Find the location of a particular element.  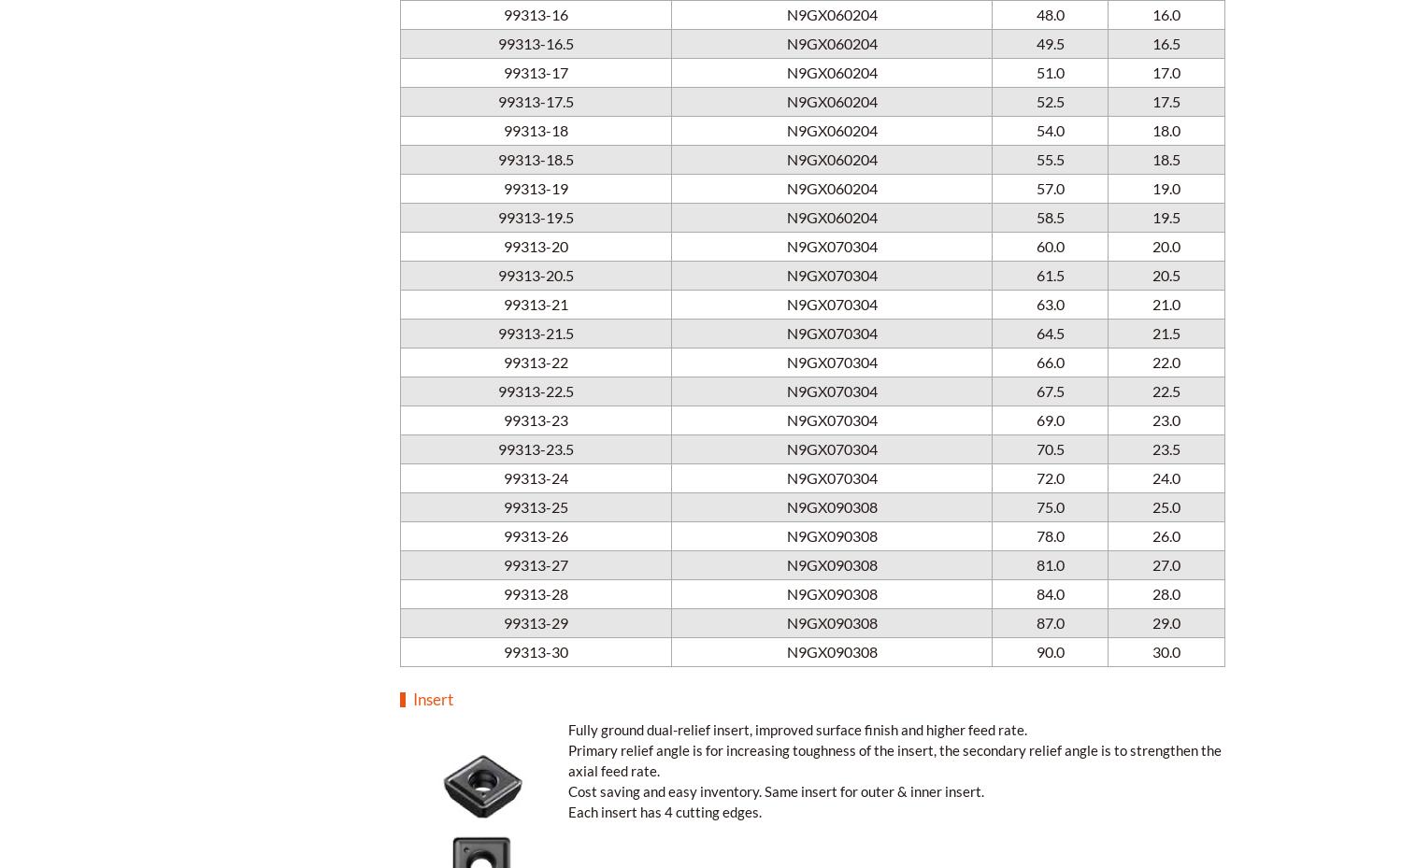

'26.0' is located at coordinates (1166, 534).